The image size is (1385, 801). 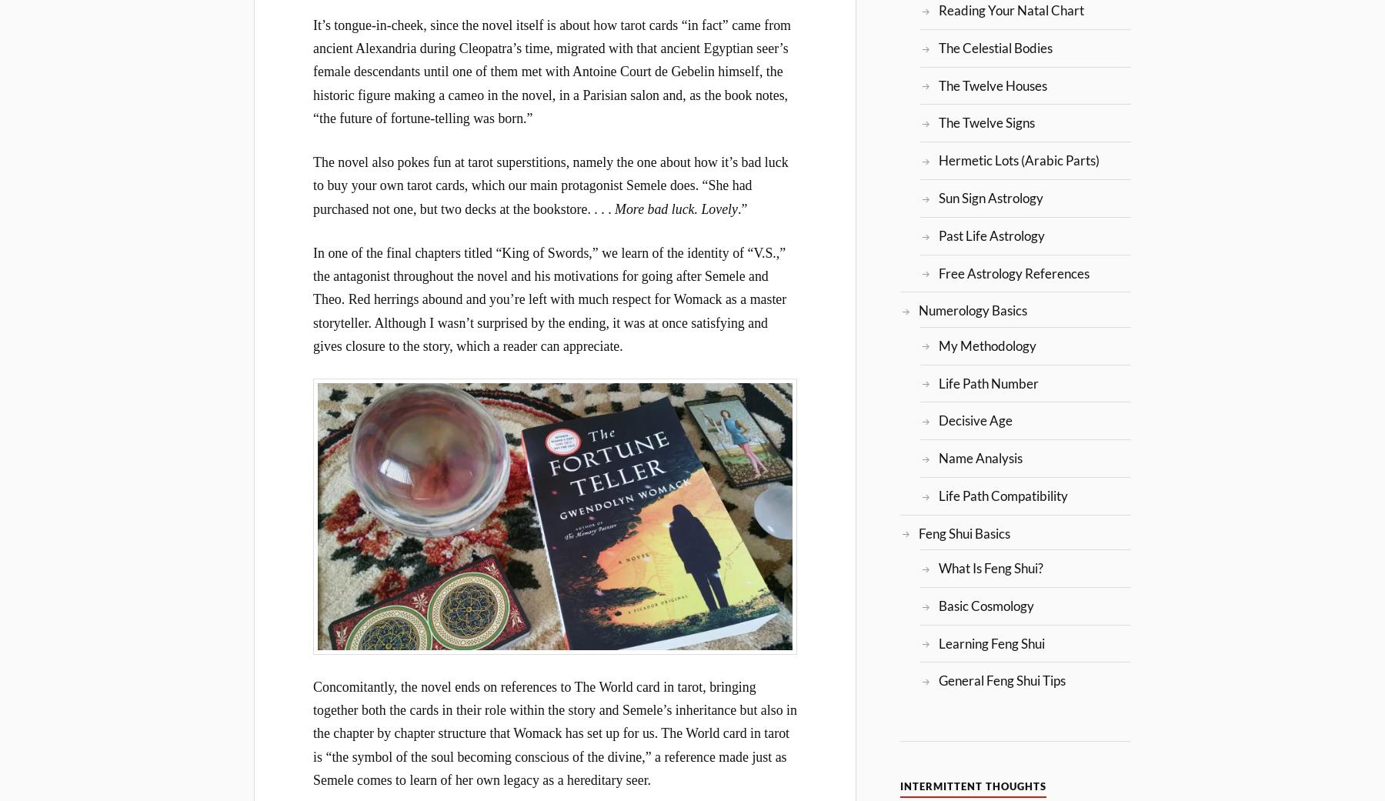 What do you see at coordinates (549, 299) in the screenshot?
I see `'In one of the final chapters titled “King of Swords,” we learn of the identity of “V.S.,” the antagonist throughout the novel and his motivations for going after Semele and Theo. Red herrings abound and you’re left with much respect for Womack as a master storyteller. Although I wasn’t surprised by the ending, it was at once satisfying and gives closure to the story, which a reader can appreciate.'` at bounding box center [549, 299].